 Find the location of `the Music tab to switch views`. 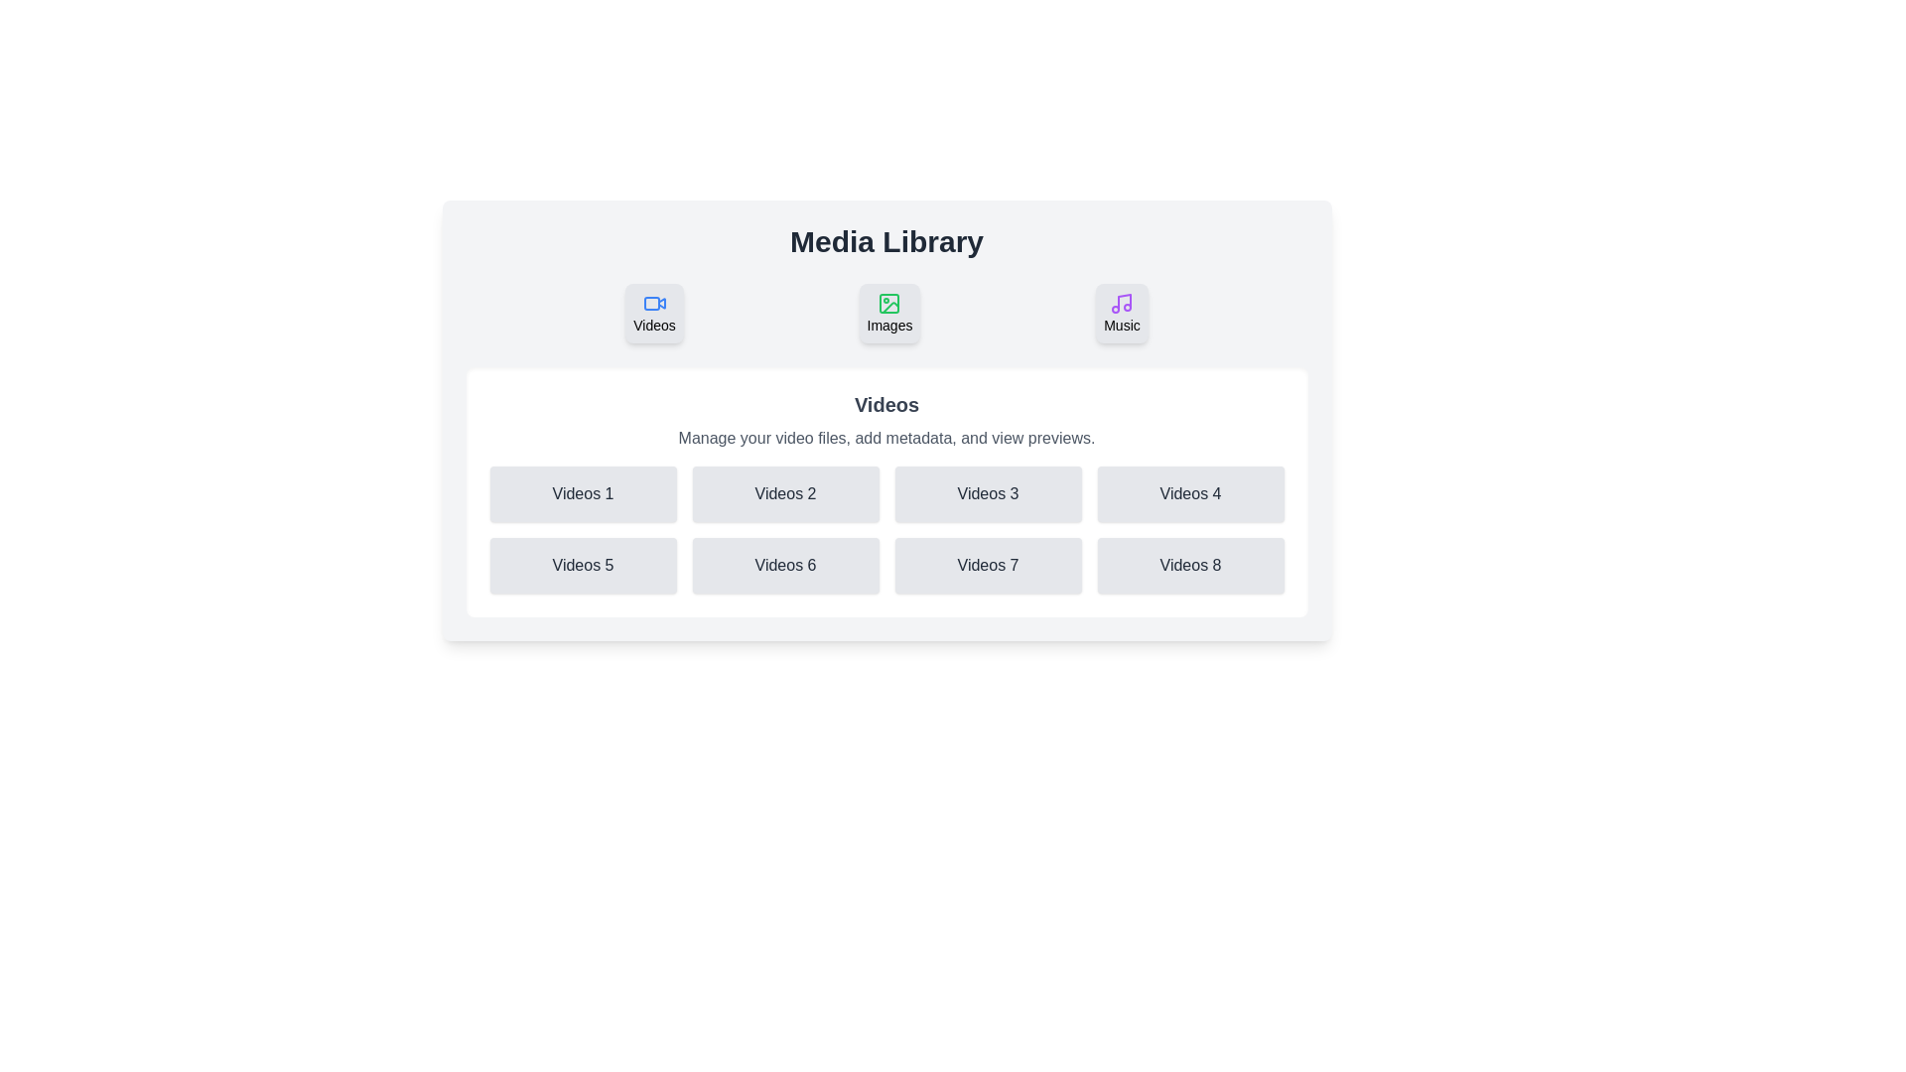

the Music tab to switch views is located at coordinates (1122, 313).